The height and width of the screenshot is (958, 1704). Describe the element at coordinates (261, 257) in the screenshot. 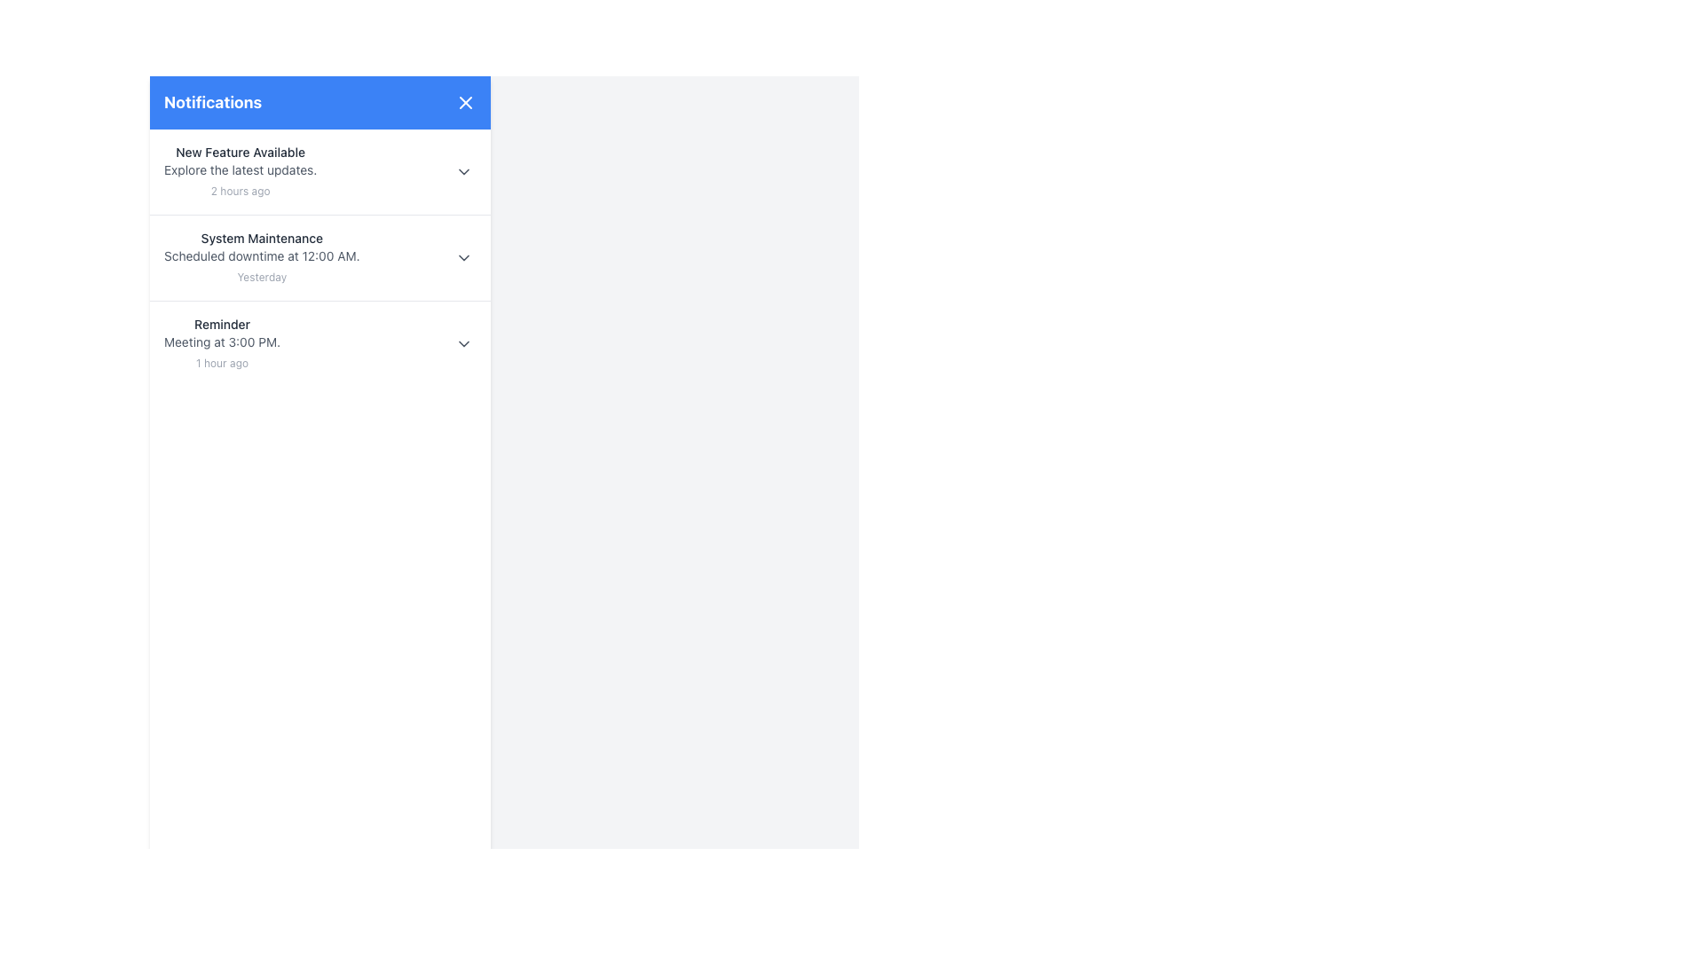

I see `the text block that provides information about a past event related to system maintenance, specifically the one indicating it occurred 'Yesterday', positioned between 'New Feature Available' and 'Reminder: Meeting at 3:00 PM' in the notification panel` at that location.